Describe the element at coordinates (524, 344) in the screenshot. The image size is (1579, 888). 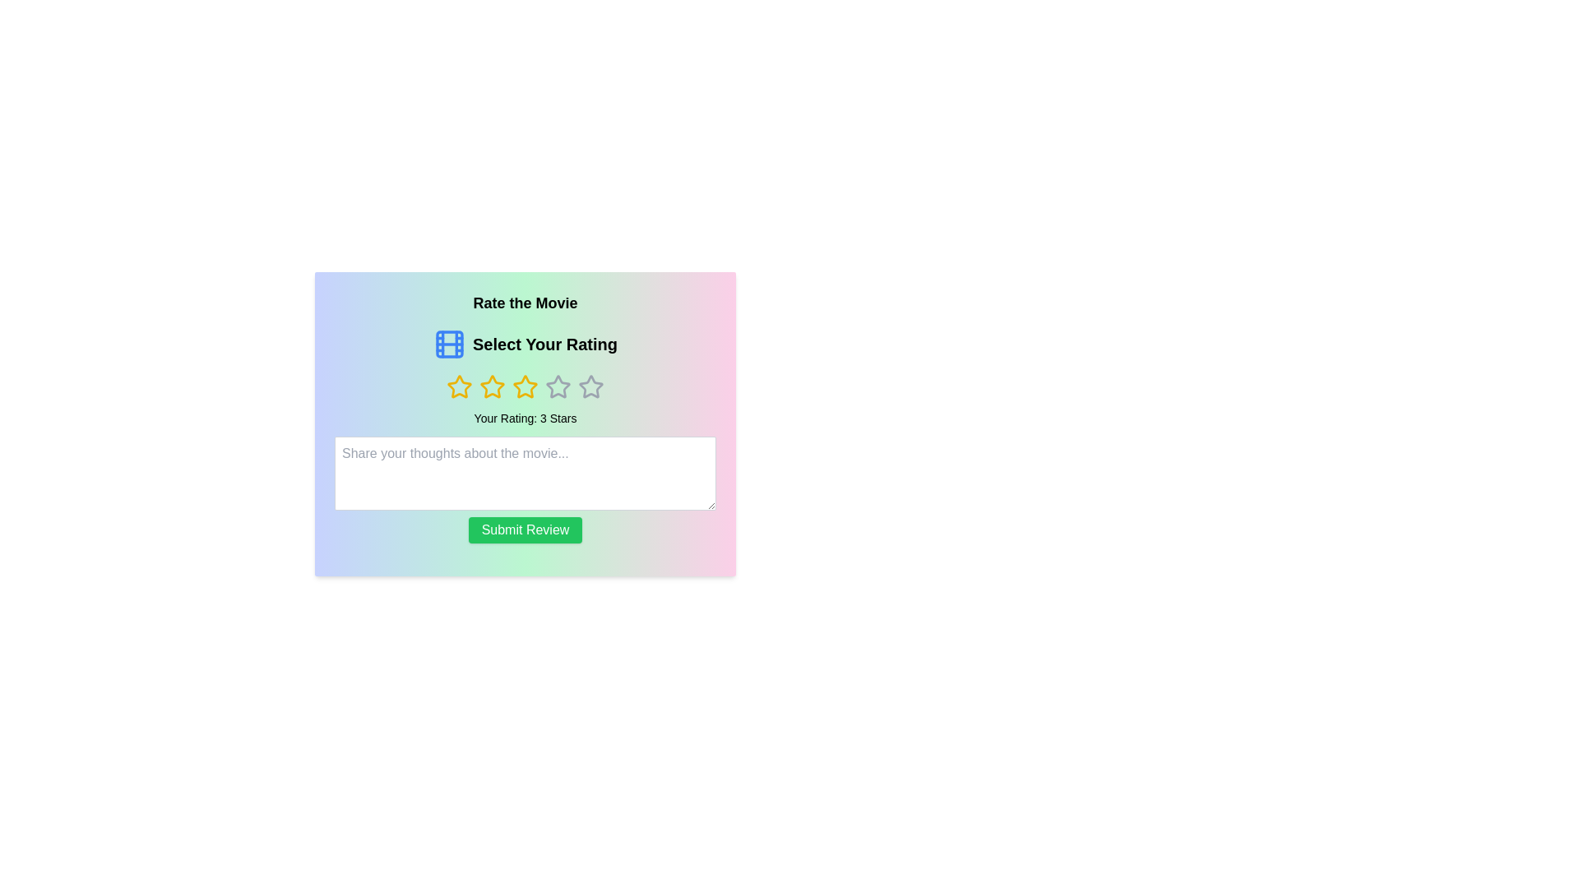
I see `displayed text 'Select Your Rating' which is centrally aligned and accompanied by a film strip icon, located beneath 'Rate the Movie' and above the star rating row` at that location.